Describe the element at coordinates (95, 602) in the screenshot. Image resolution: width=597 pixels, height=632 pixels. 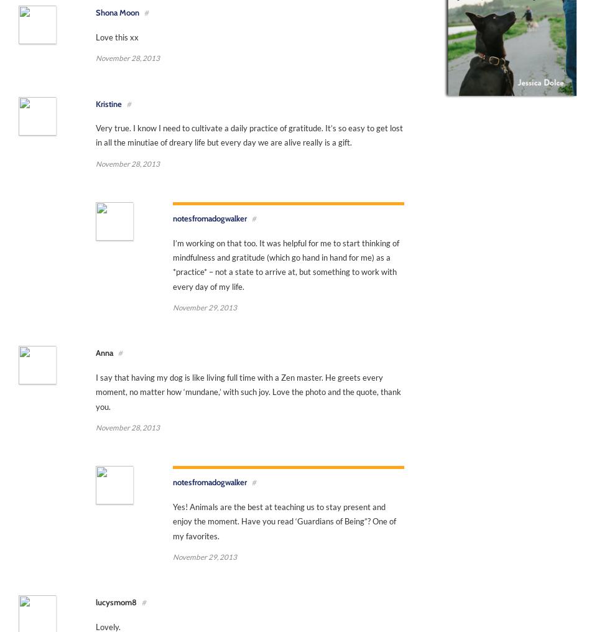
I see `'lucysmom8'` at that location.